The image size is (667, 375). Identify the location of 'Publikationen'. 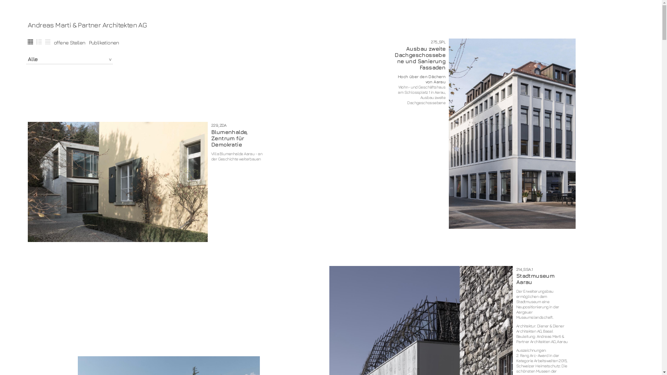
(104, 42).